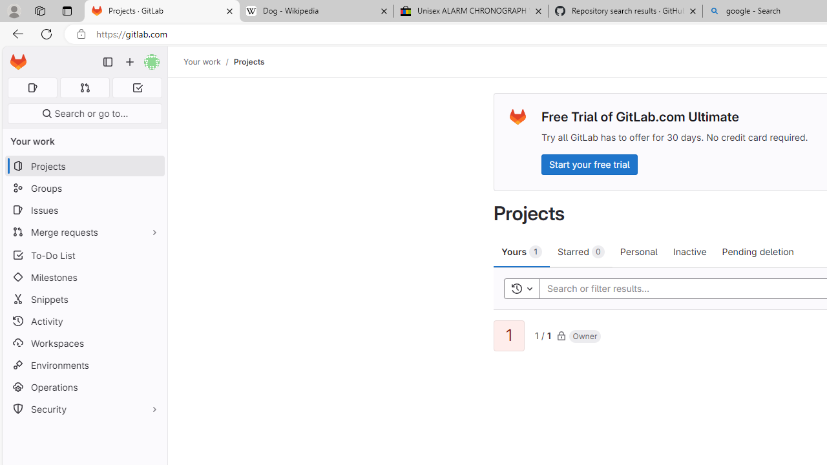 The height and width of the screenshot is (465, 827). What do you see at coordinates (209, 61) in the screenshot?
I see `'Your work/'` at bounding box center [209, 61].